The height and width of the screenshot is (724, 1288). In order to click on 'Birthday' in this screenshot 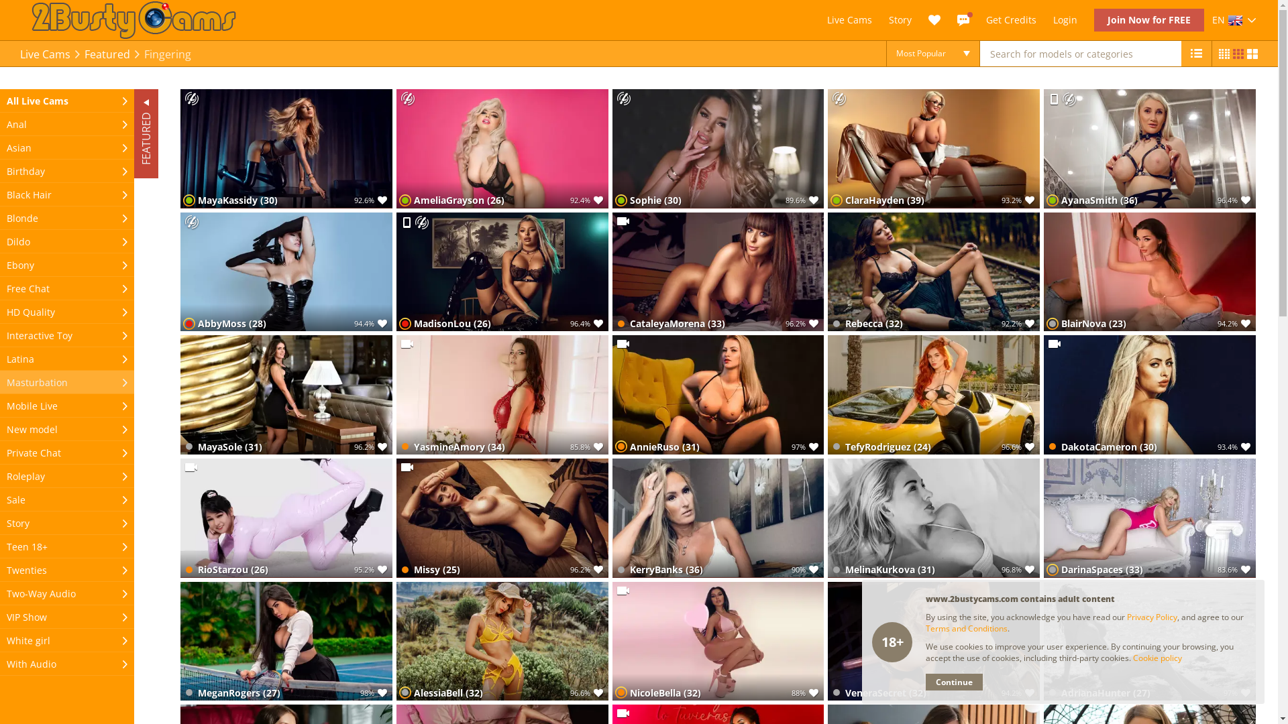, I will do `click(0, 170)`.